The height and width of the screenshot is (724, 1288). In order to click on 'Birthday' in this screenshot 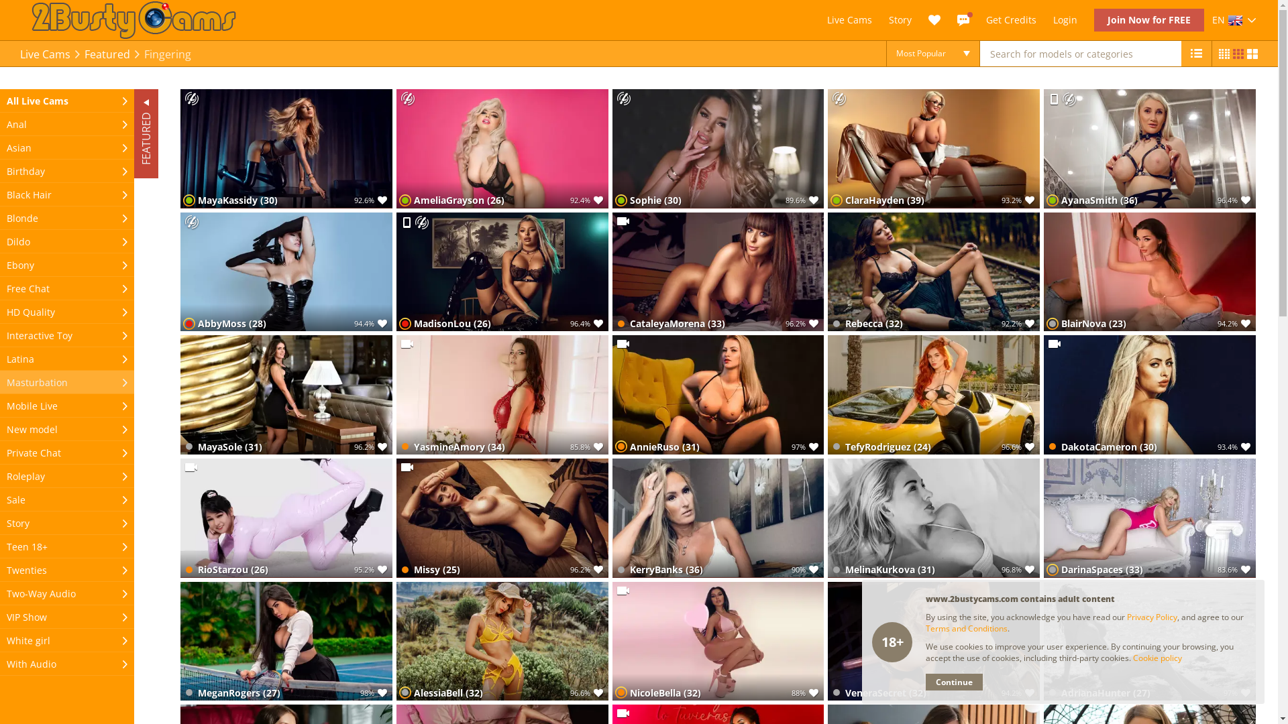, I will do `click(0, 170)`.